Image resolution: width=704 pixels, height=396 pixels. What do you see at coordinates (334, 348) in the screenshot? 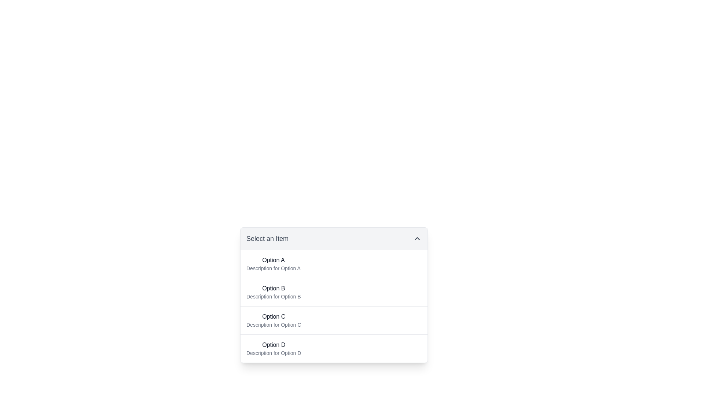
I see `the fourth item in the dropdown list, which represents 'Option D'` at bounding box center [334, 348].